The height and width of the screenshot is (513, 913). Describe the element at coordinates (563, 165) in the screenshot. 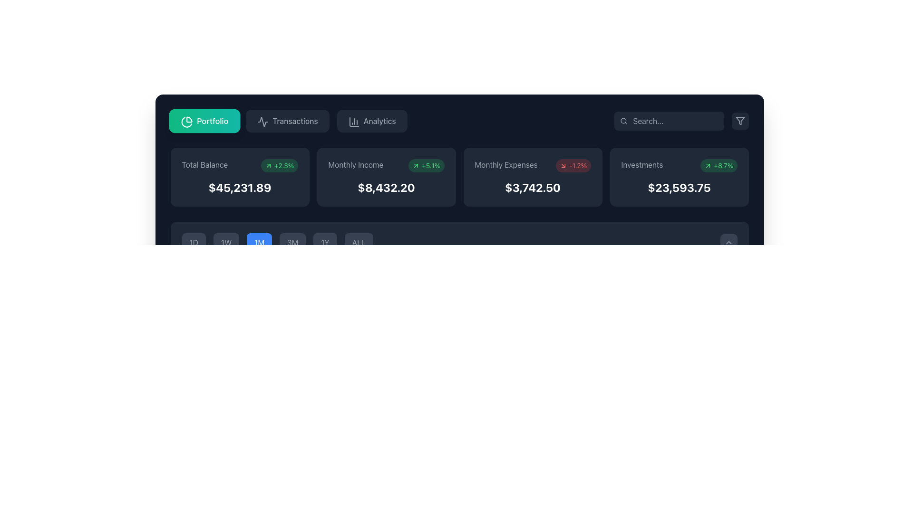

I see `the decrease icon located to the left of the percentage value '-1.2%' within the red-highlighted area of the 'Monthly Expenses' panel` at that location.